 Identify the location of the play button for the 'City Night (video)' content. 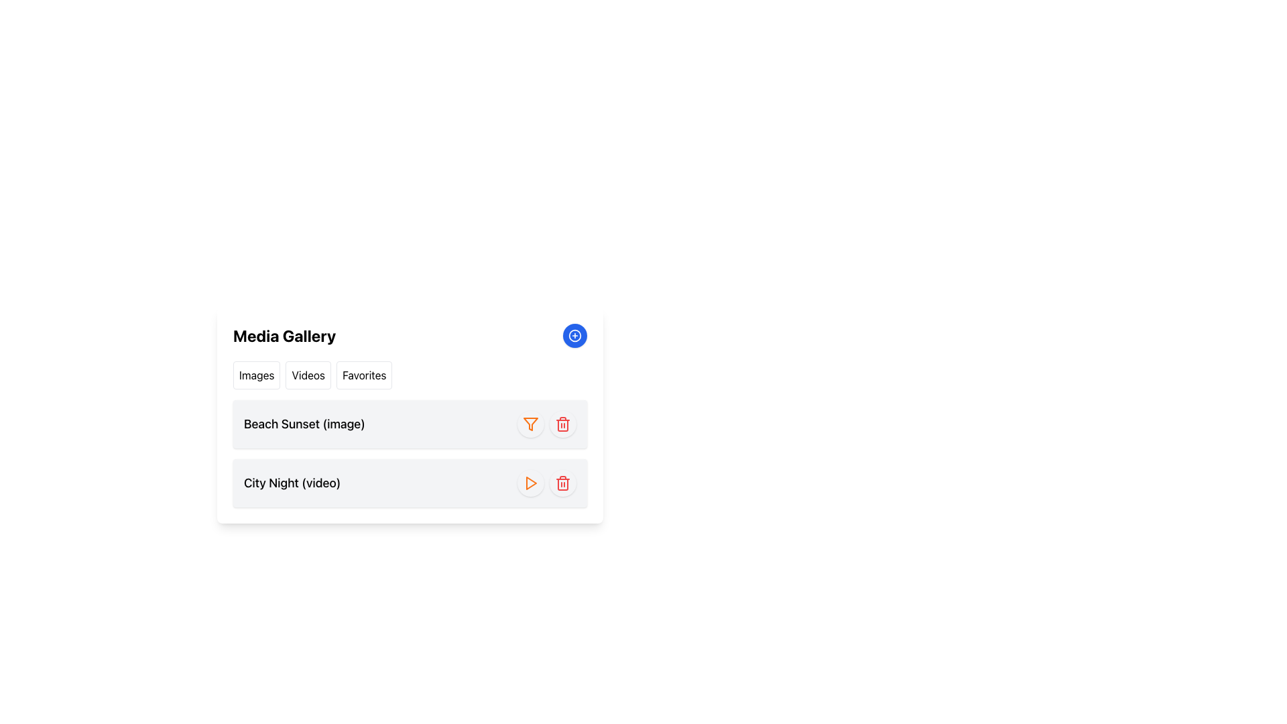
(530, 483).